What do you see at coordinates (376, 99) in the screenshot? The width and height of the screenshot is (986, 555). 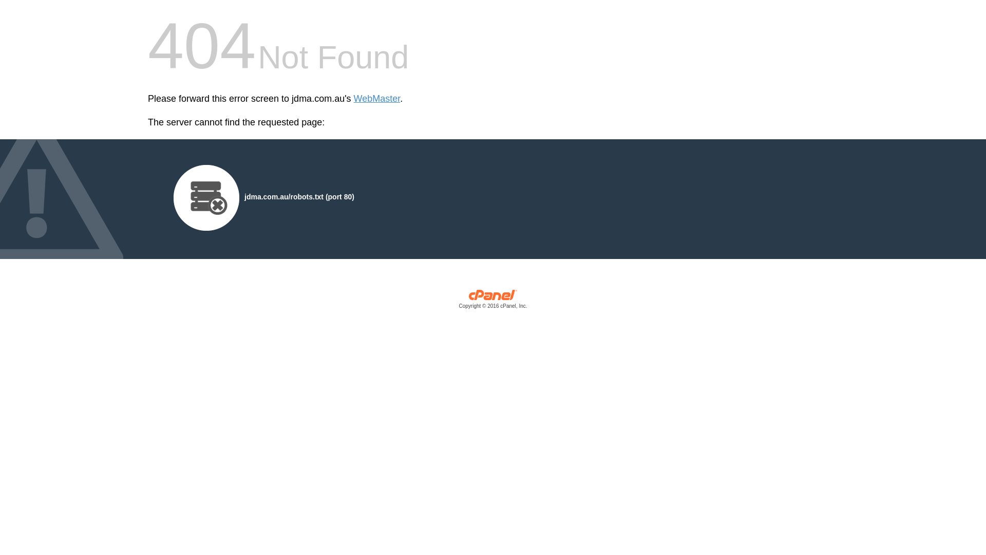 I see `'WebMaster'` at bounding box center [376, 99].